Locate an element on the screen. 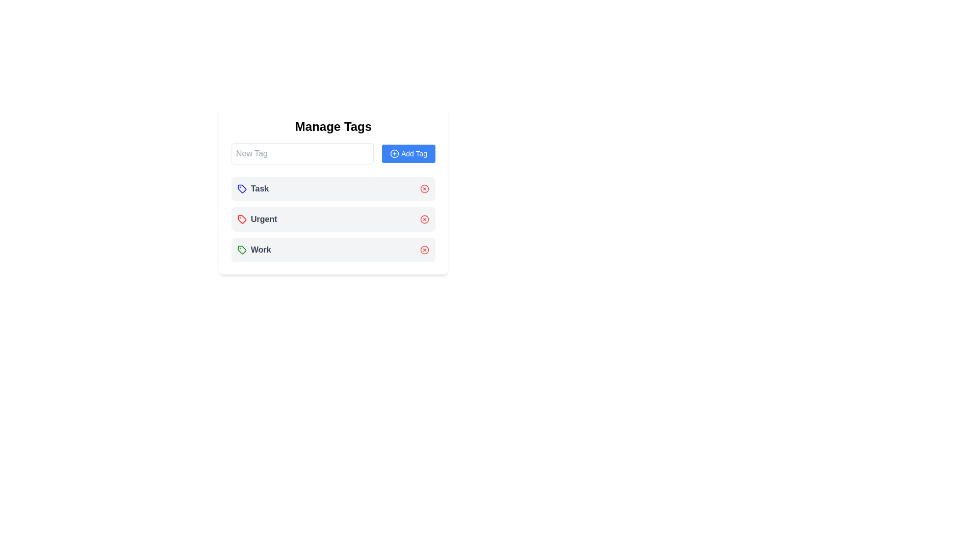  the icon representing the 'Task' label, located in the vertical list under 'Manage Tags', positioned to the left of the text label 'Task' is located at coordinates (242, 188).